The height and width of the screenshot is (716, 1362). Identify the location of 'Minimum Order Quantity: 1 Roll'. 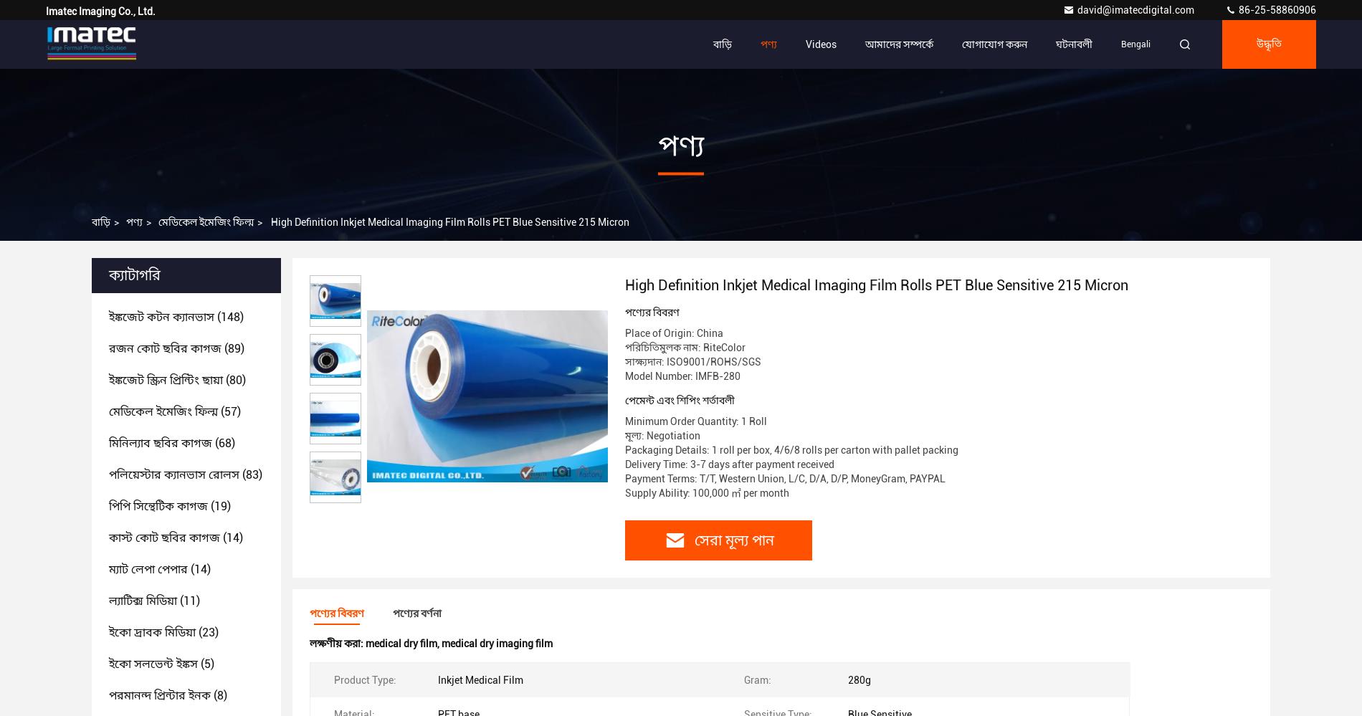
(696, 421).